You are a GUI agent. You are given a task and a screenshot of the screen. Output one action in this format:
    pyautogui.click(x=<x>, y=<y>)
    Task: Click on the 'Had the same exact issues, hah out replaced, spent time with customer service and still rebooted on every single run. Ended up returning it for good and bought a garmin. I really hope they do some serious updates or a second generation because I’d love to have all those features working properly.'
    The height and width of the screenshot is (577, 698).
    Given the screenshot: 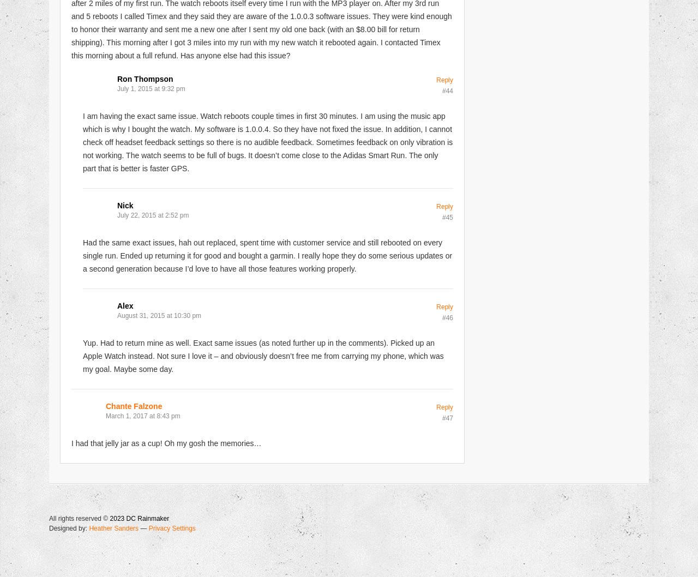 What is the action you would take?
    pyautogui.click(x=267, y=254)
    